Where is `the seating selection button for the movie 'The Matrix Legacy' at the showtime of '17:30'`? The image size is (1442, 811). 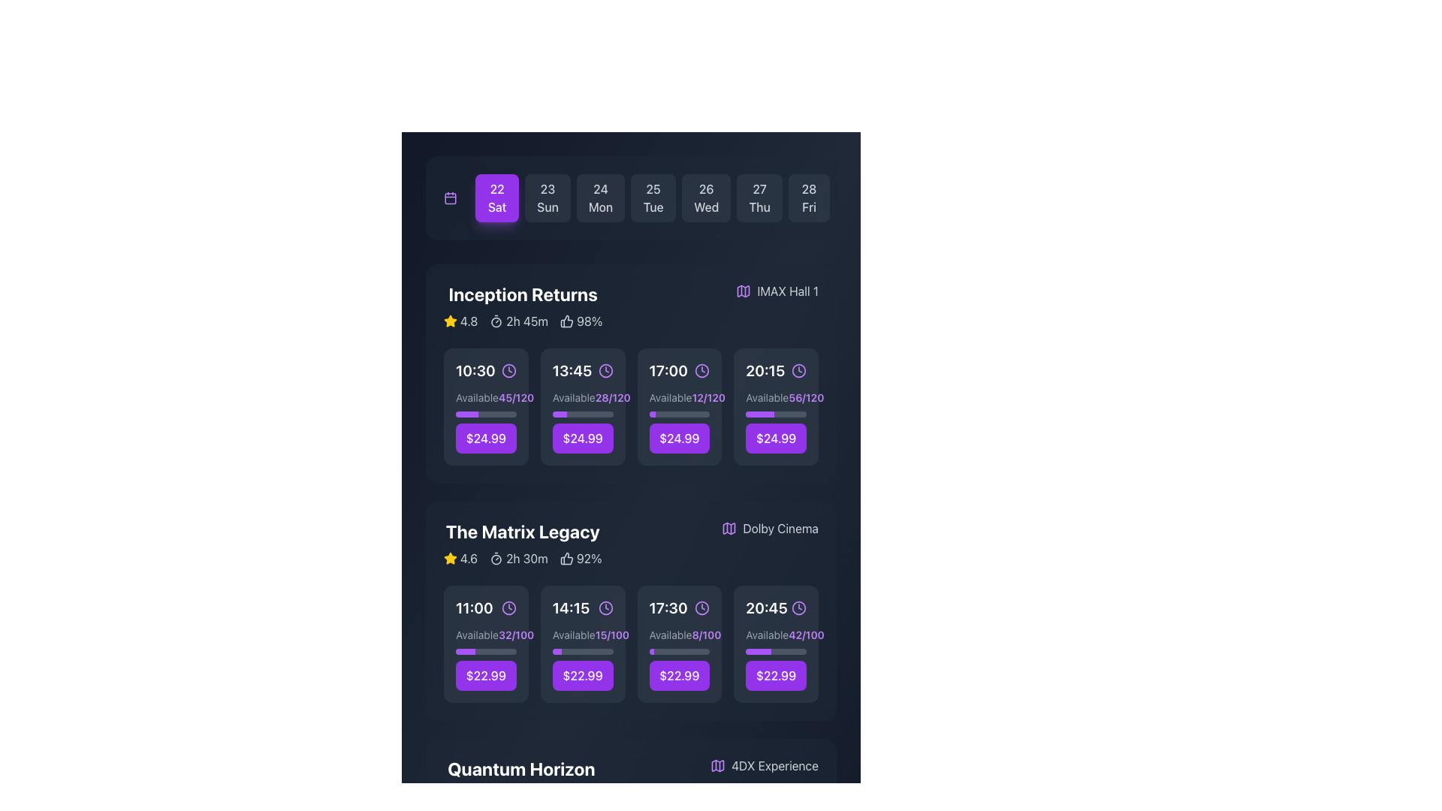
the seating selection button for the movie 'The Matrix Legacy' at the showtime of '17:30' is located at coordinates (678, 643).